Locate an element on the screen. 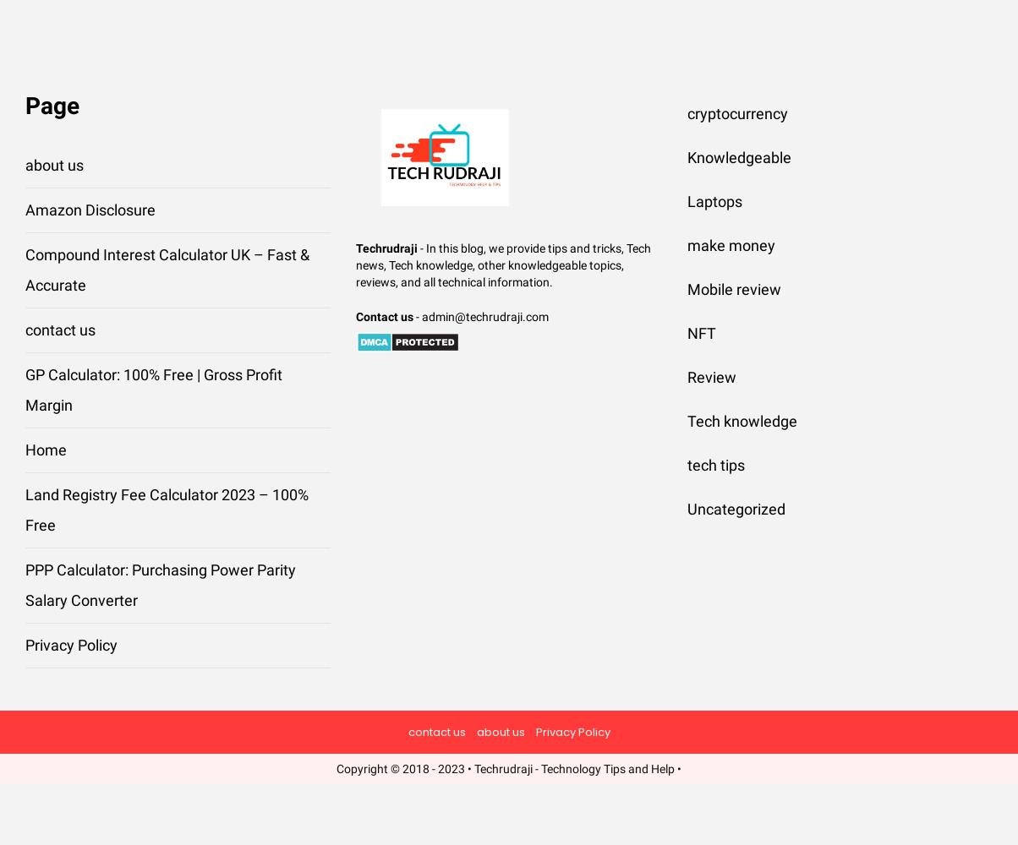  'Home' is located at coordinates (46, 450).